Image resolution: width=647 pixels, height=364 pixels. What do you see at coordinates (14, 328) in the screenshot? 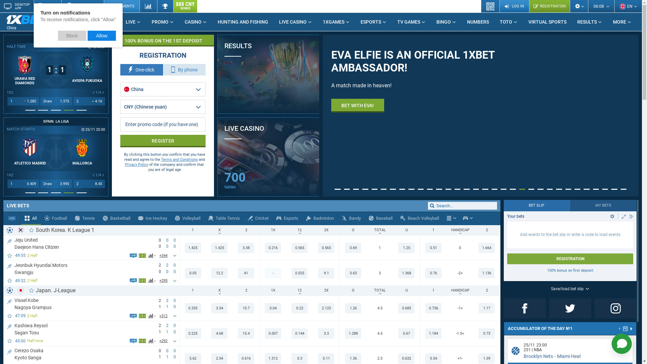
I see `'Kashiwa Reysol` at bounding box center [14, 328].